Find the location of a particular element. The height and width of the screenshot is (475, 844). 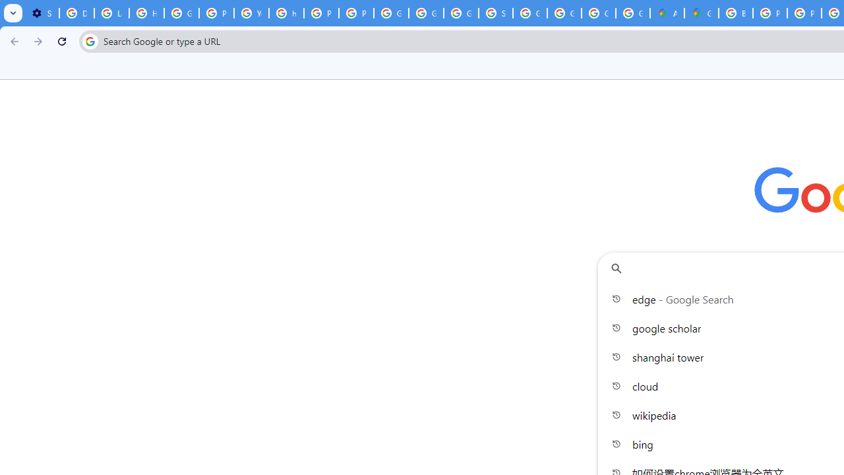

'Privacy Help Center - Policies Help' is located at coordinates (770, 13).